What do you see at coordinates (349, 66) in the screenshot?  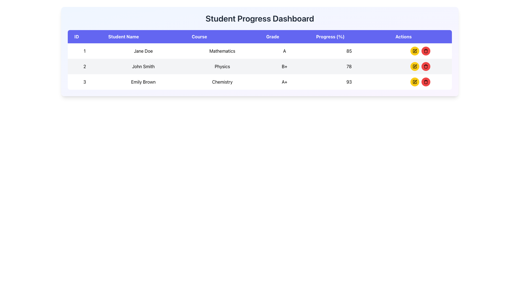 I see `the text label displaying the number '78' in the 'Progress (%)' column for 'John Smith' in the table` at bounding box center [349, 66].